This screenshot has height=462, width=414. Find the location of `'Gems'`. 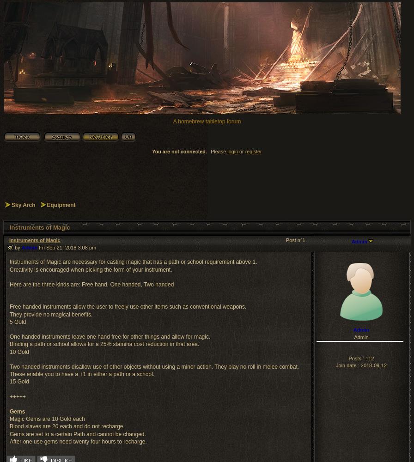

'Gems' is located at coordinates (17, 412).